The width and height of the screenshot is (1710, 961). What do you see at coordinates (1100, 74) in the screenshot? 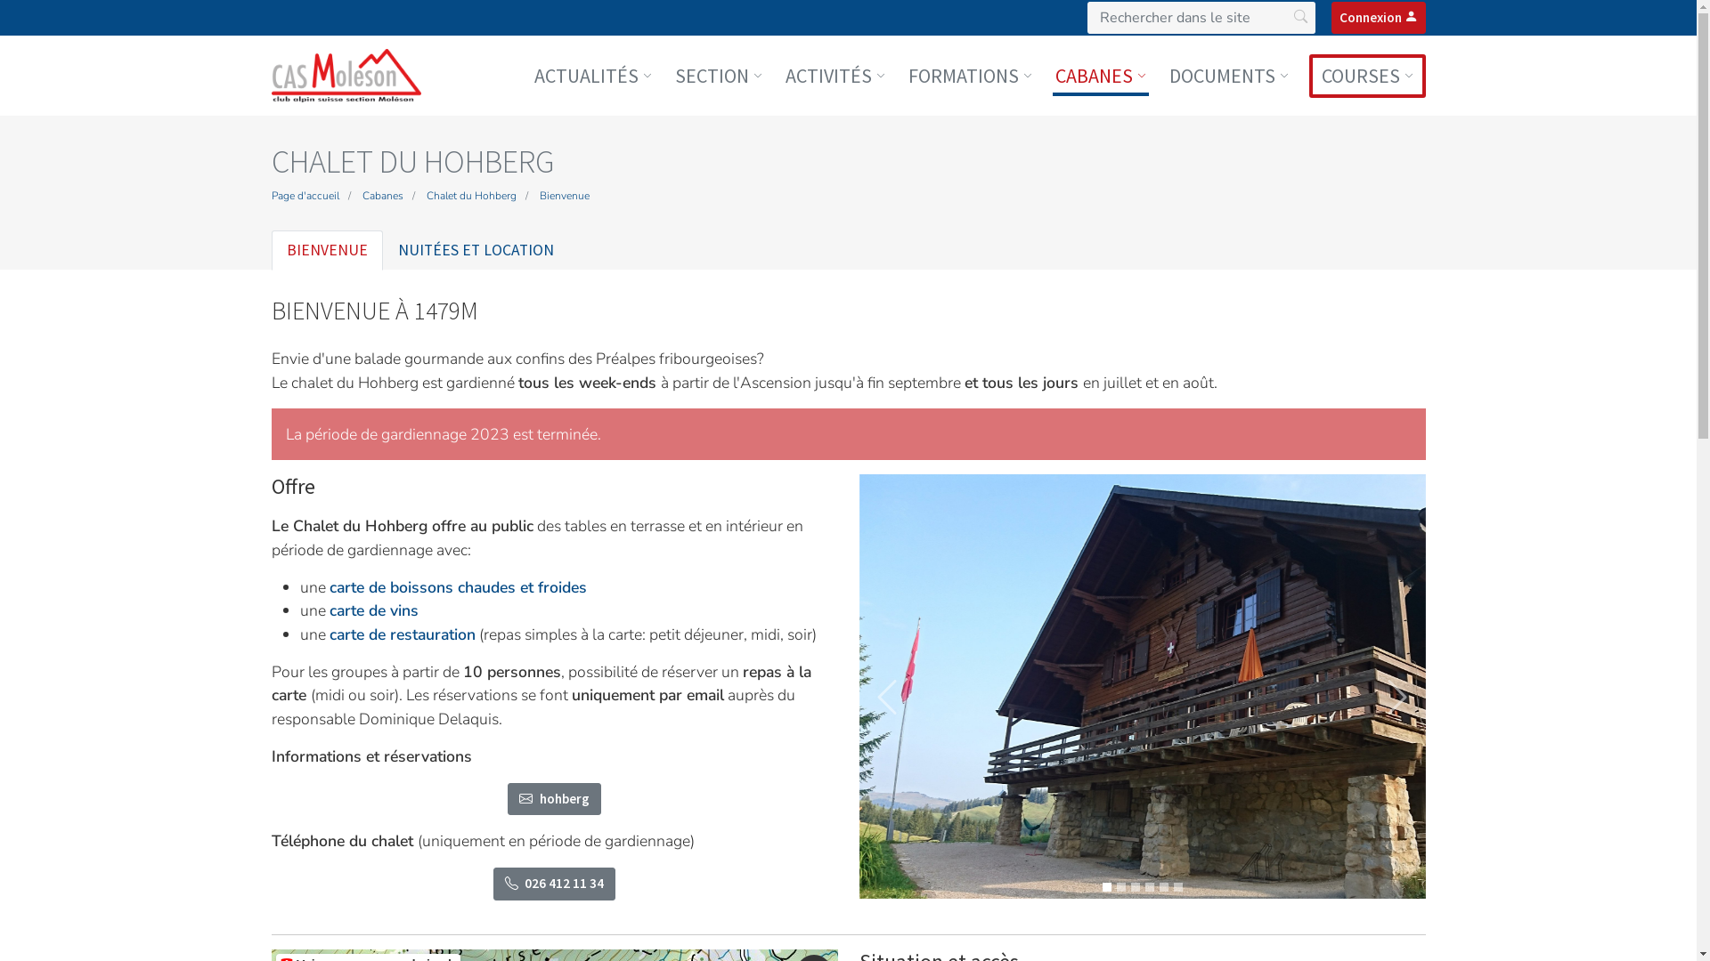
I see `'CABANES'` at bounding box center [1100, 74].